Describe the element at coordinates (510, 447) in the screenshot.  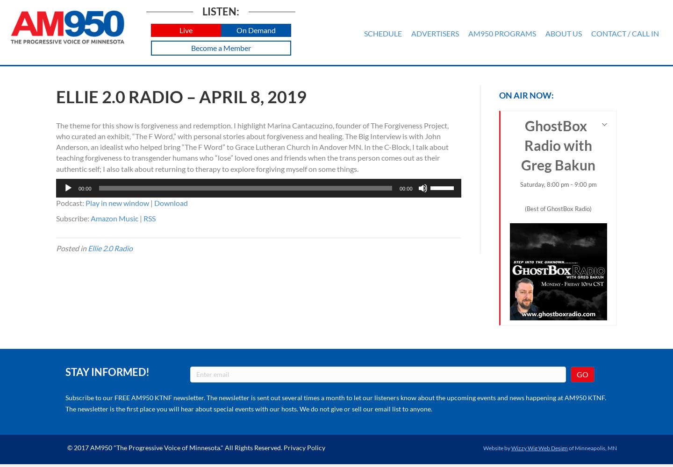
I see `'Wizzy Wig Web Design'` at that location.